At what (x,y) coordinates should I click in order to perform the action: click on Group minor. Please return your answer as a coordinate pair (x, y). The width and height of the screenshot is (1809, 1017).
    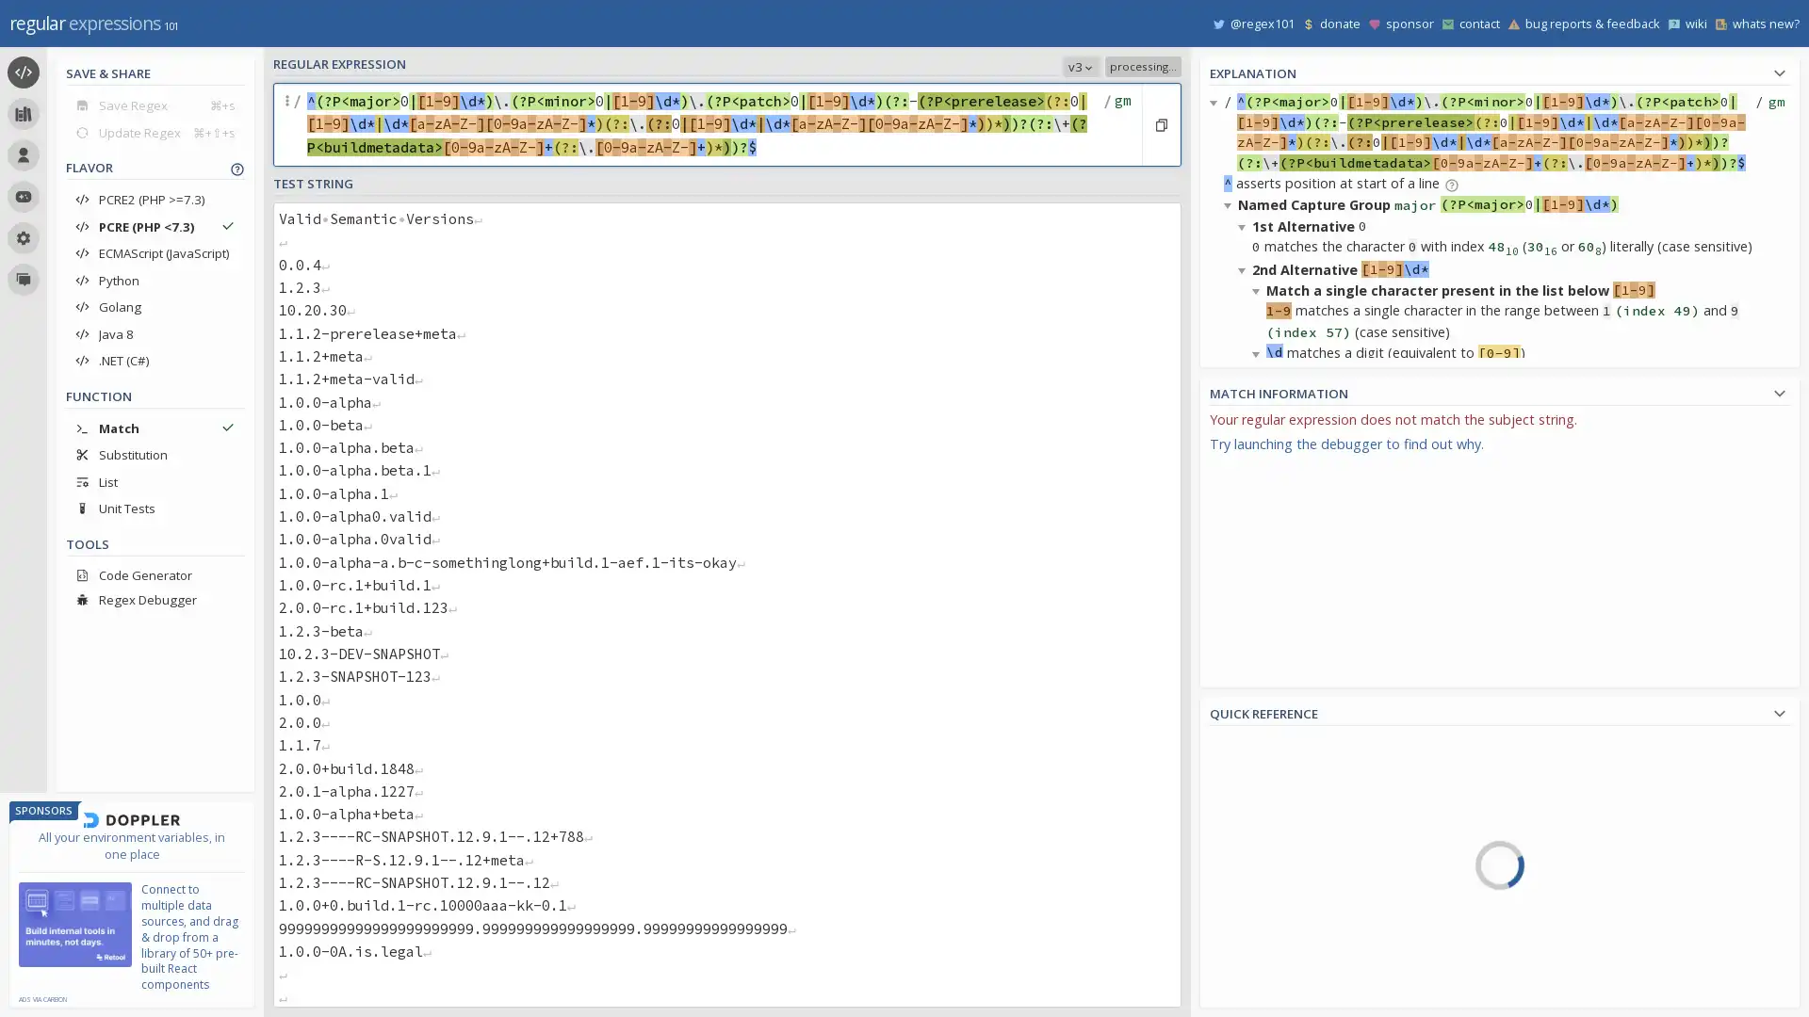
    Looking at the image, I should click on (1293, 965).